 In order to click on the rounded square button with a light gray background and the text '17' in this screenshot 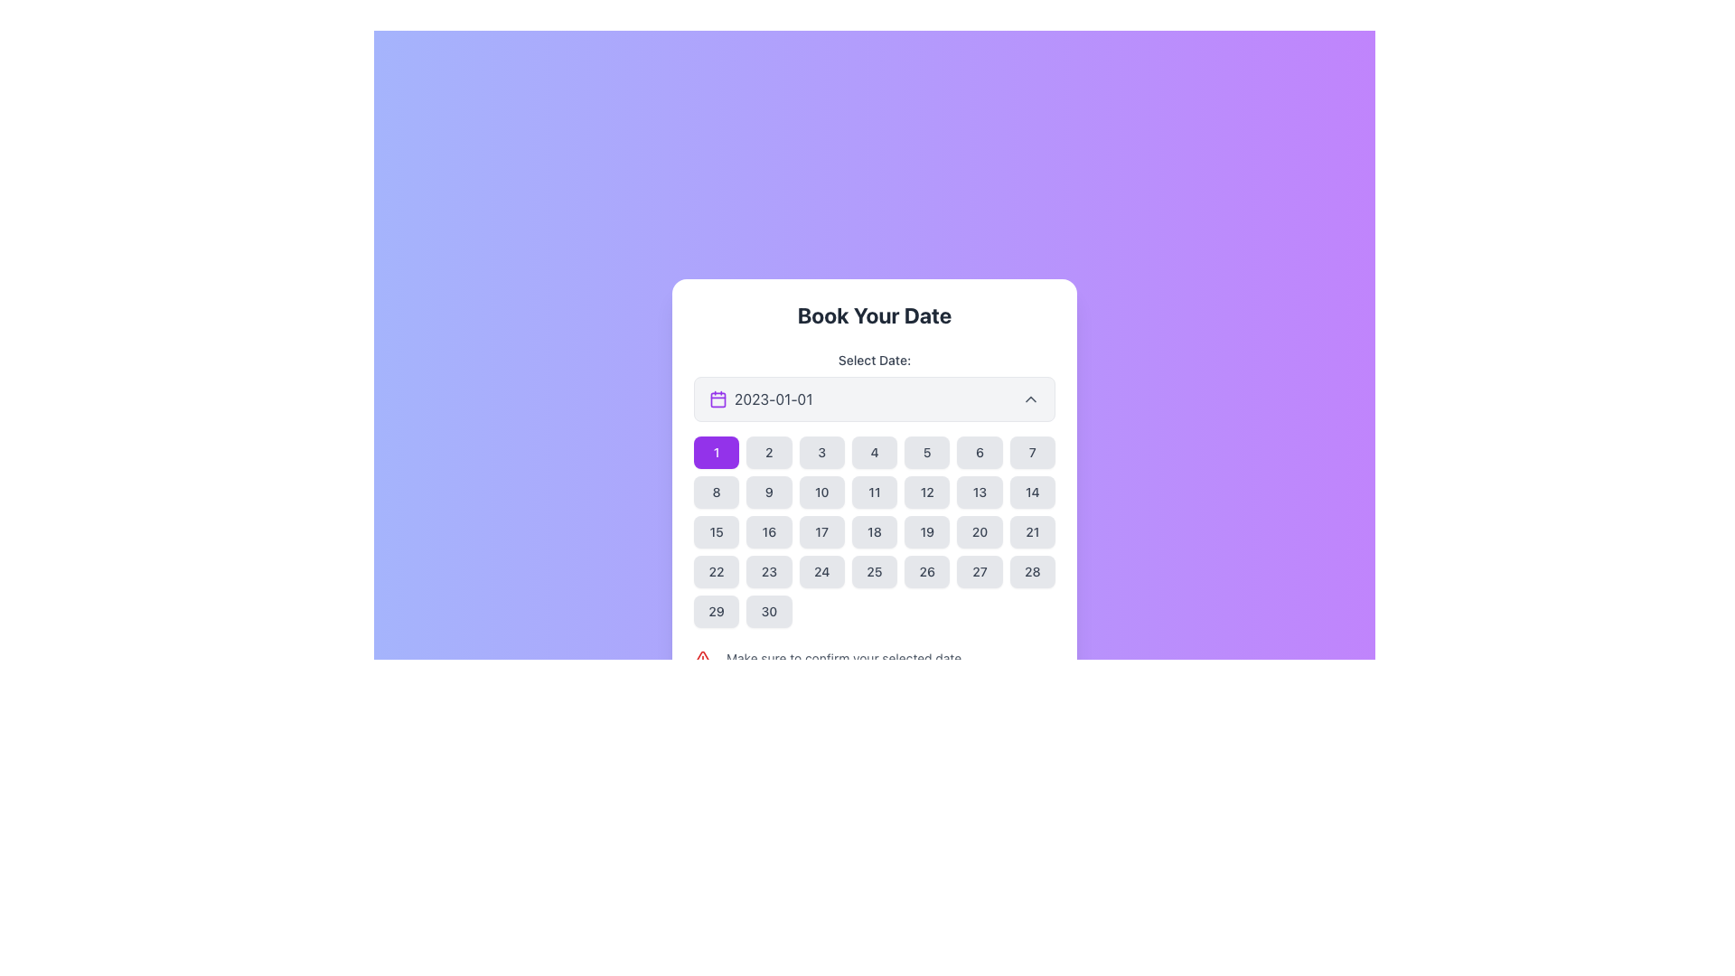, I will do `click(821, 531)`.